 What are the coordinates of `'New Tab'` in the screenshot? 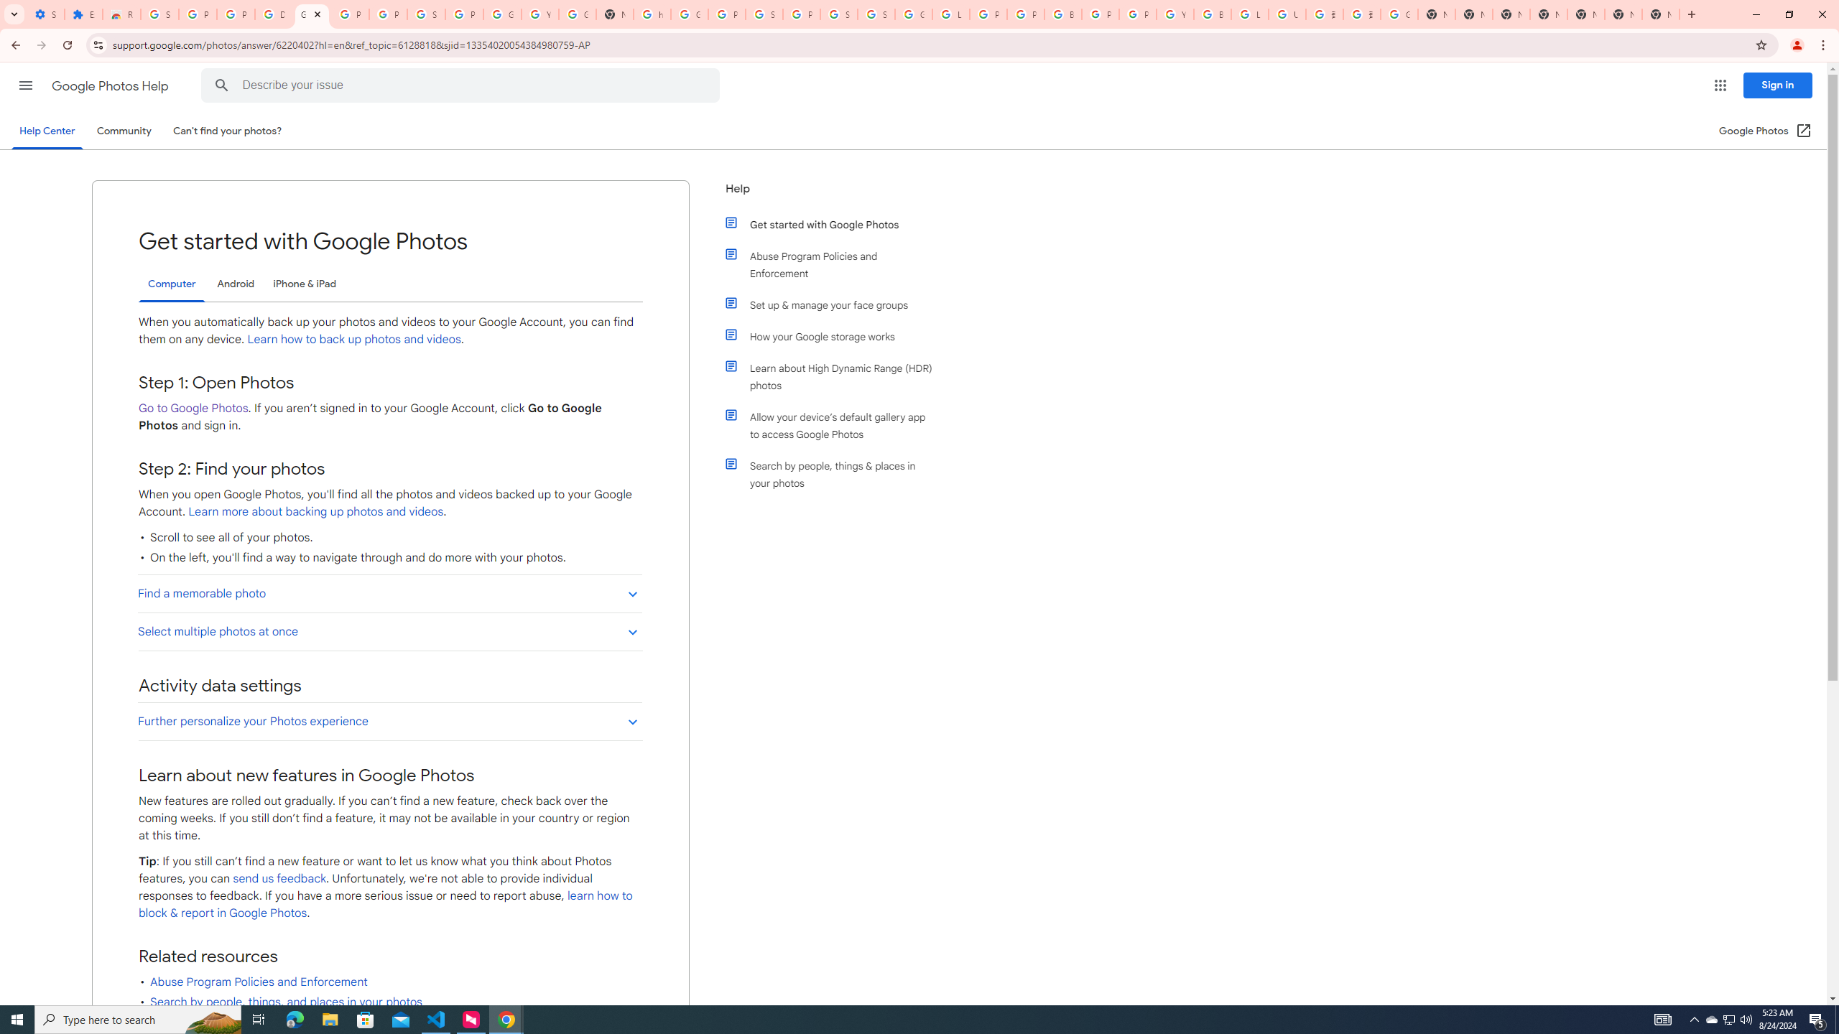 It's located at (1660, 14).